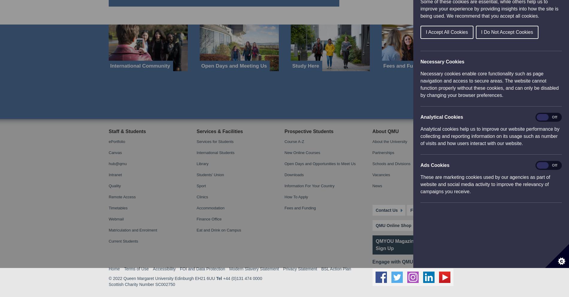  Describe the element at coordinates (253, 2) in the screenshot. I see `'Modern Slavery Statement'` at that location.